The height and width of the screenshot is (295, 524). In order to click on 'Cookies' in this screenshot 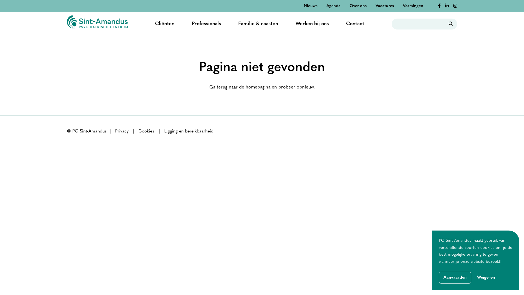, I will do `click(146, 131)`.